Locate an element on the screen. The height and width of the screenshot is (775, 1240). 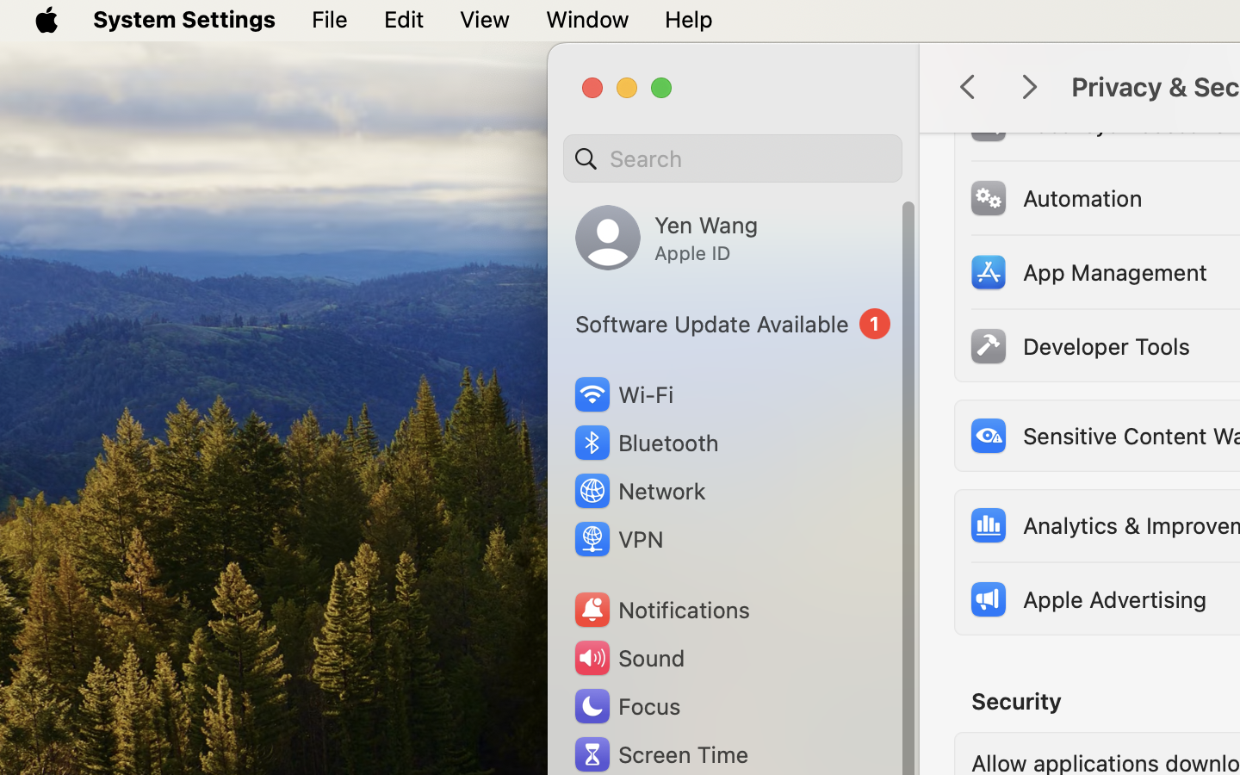
'Notifications' is located at coordinates (660, 609).